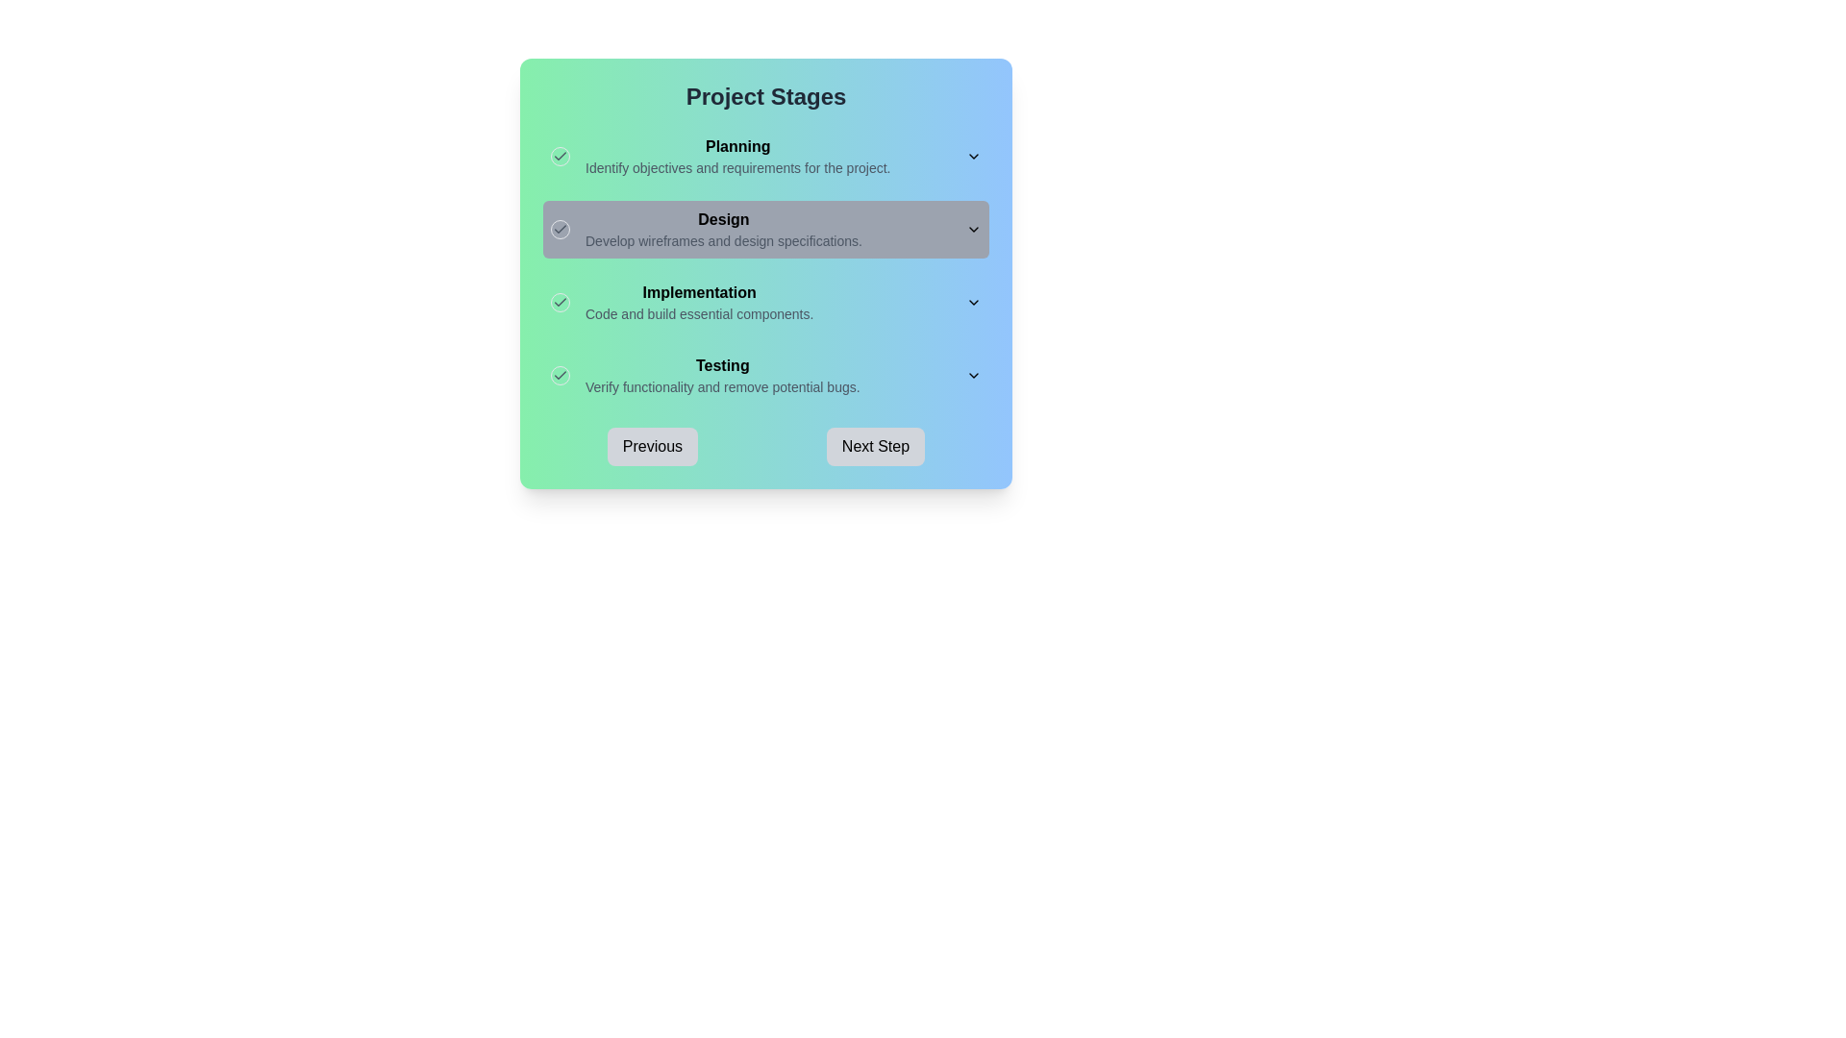 This screenshot has width=1846, height=1038. I want to click on the bold text label displaying the word 'Planning' located in the 'Project Stages' section, positioned at the top of its section with a gradient background, so click(736, 146).